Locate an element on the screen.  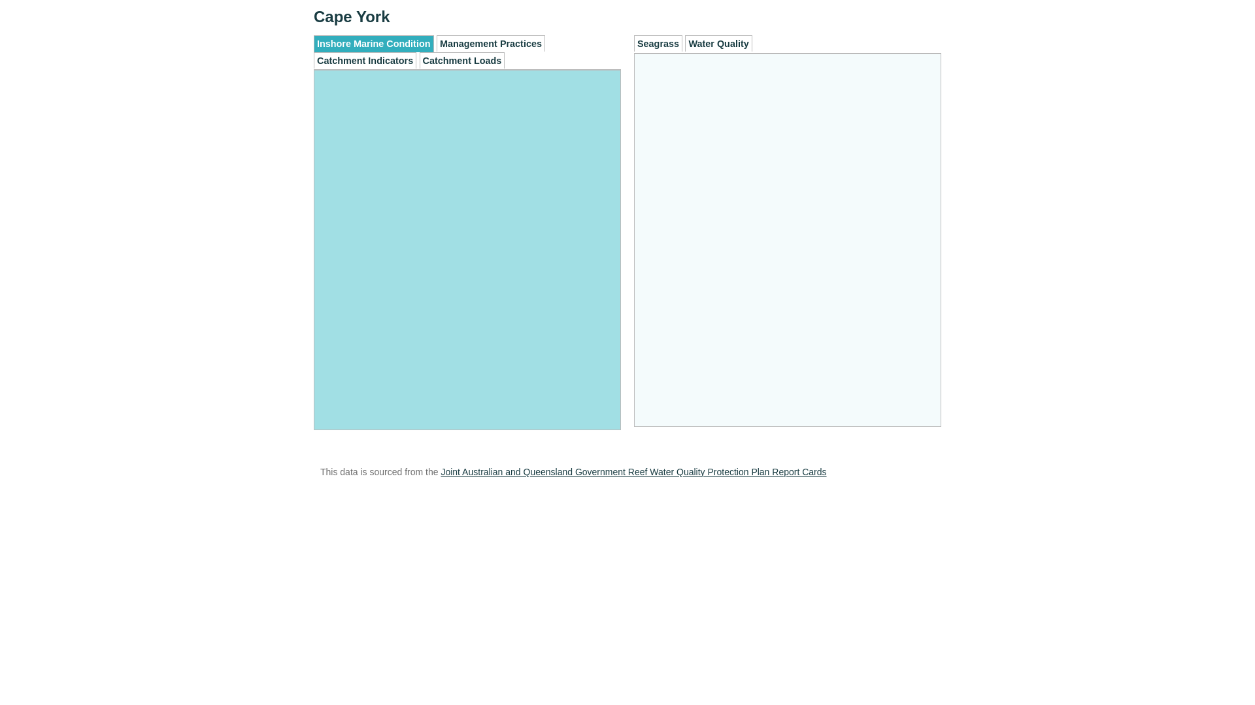
'Catchment Loads' is located at coordinates (462, 60).